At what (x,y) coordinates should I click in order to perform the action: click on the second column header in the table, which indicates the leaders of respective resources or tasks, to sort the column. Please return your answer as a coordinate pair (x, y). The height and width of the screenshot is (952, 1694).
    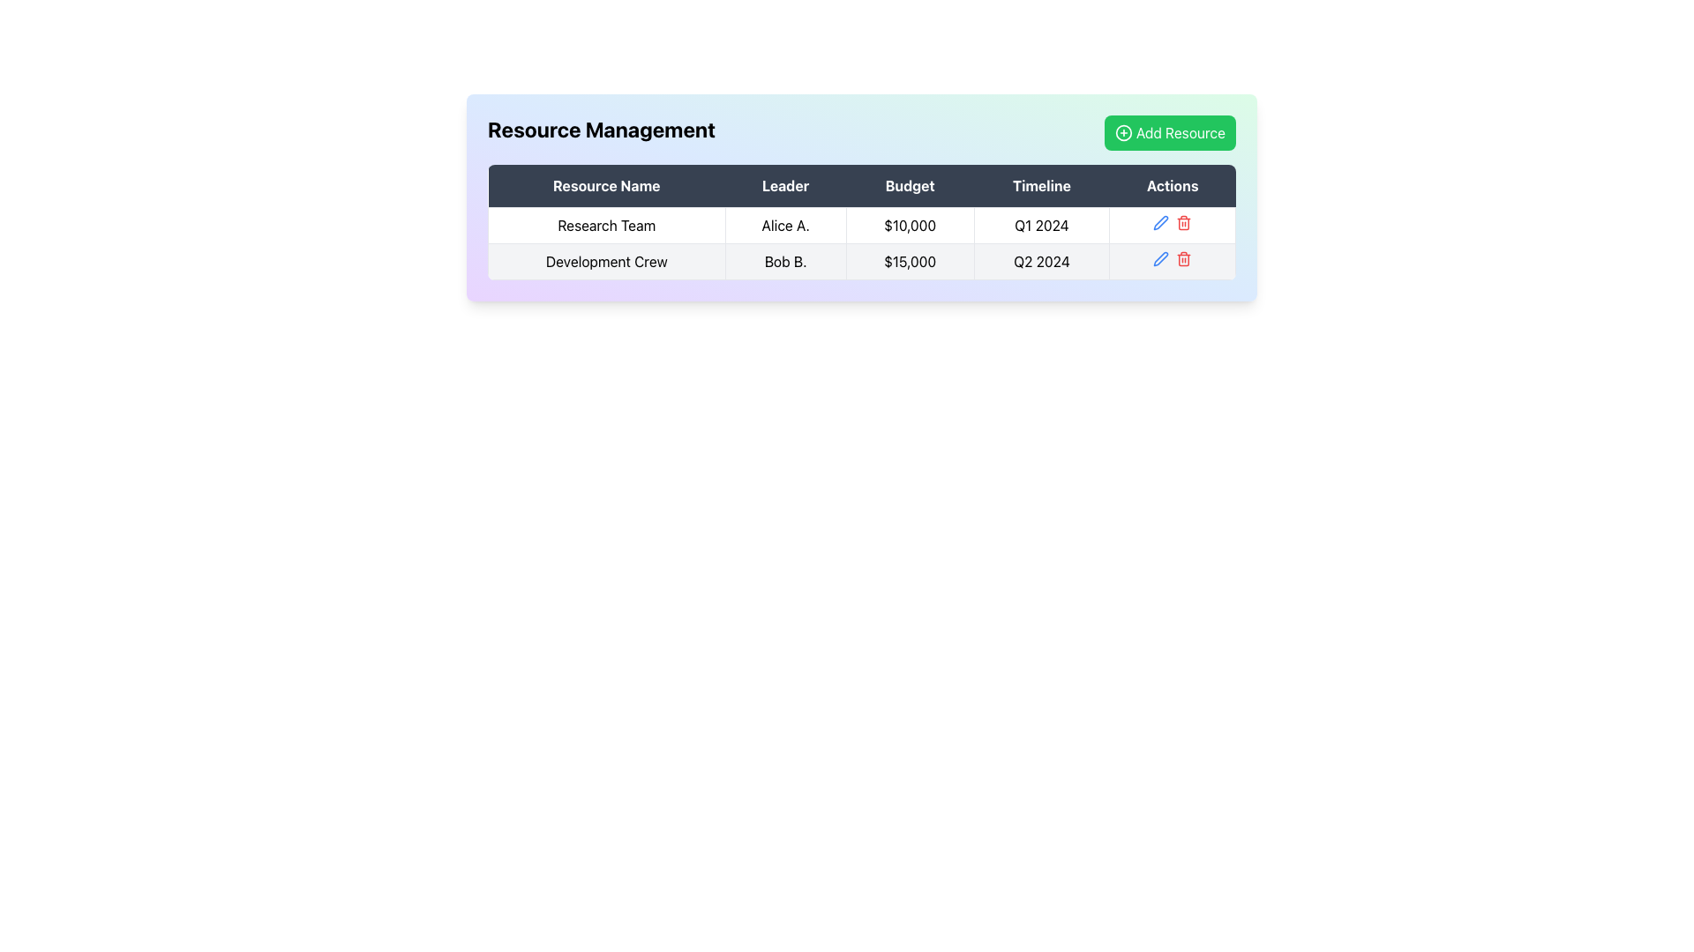
    Looking at the image, I should click on (784, 186).